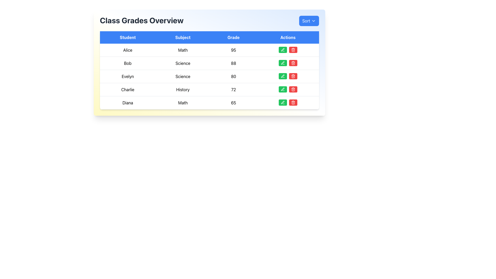 The image size is (496, 279). Describe the element at coordinates (282, 76) in the screenshot. I see `the edit button for the 'Evelyn - Science' record located in the Actions column of the third row in the table` at that location.